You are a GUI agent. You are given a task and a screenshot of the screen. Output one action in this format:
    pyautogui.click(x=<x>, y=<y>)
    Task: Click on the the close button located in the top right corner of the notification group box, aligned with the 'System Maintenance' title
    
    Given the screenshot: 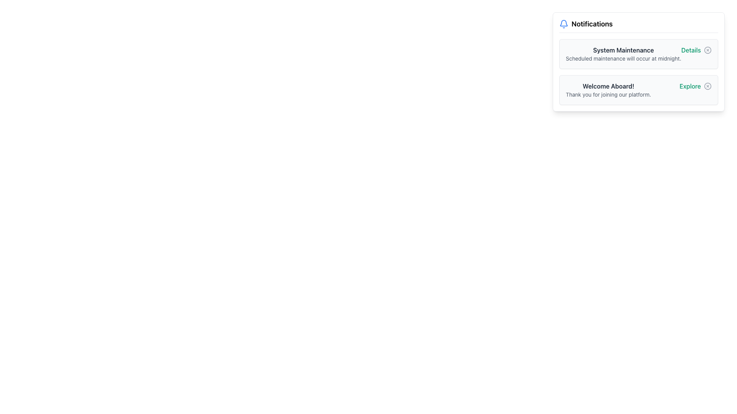 What is the action you would take?
    pyautogui.click(x=707, y=50)
    